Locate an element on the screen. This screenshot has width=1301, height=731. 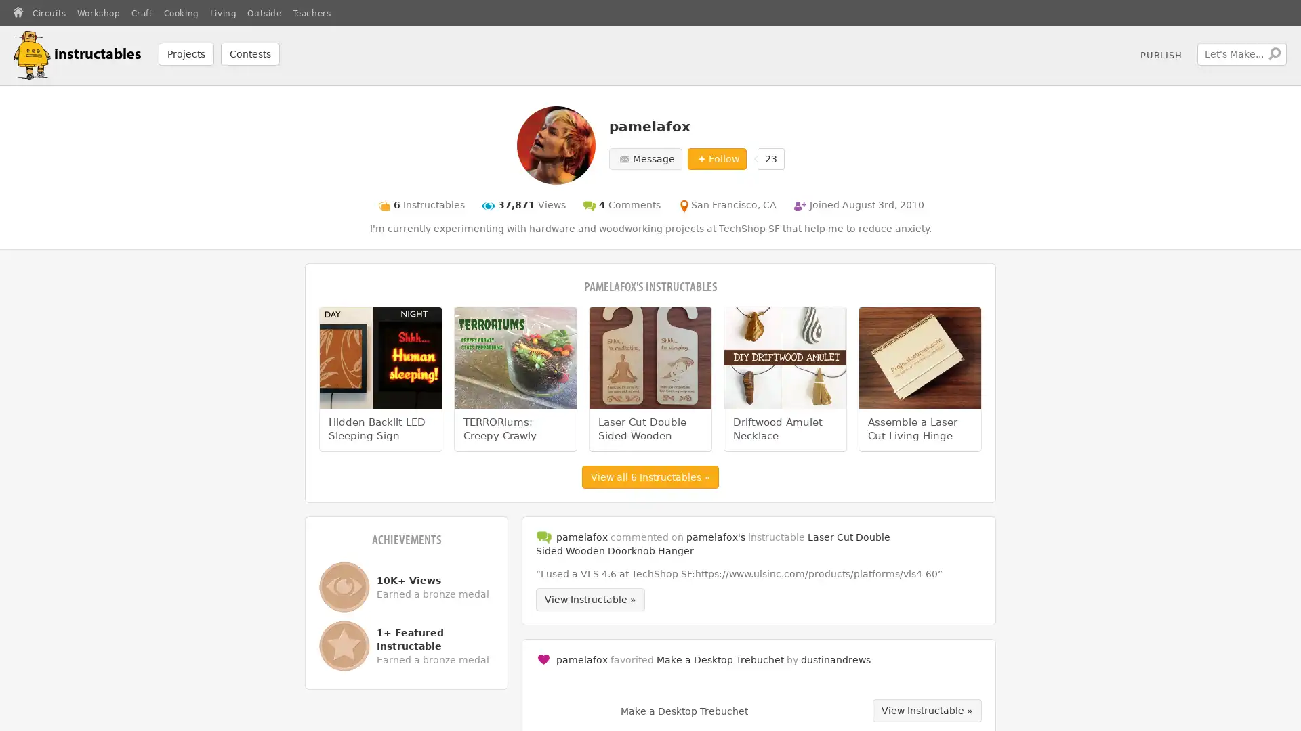
Follow is located at coordinates (716, 158).